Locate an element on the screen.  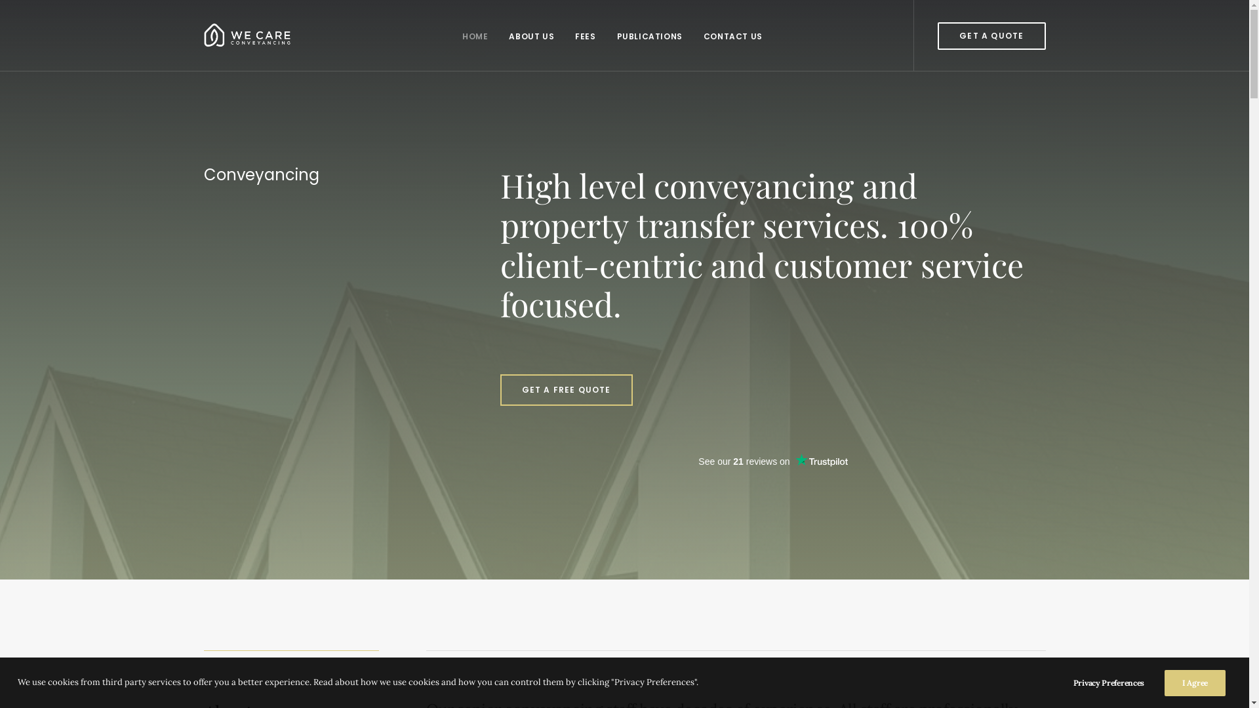
'HOME' is located at coordinates (474, 35).